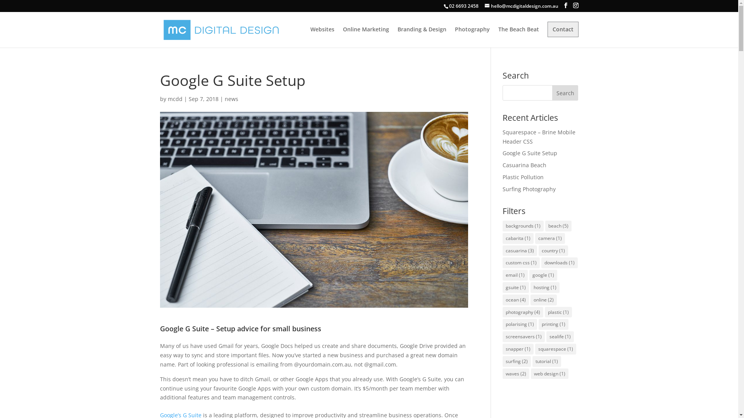 Image resolution: width=744 pixels, height=418 pixels. What do you see at coordinates (560, 336) in the screenshot?
I see `'sealife (1)'` at bounding box center [560, 336].